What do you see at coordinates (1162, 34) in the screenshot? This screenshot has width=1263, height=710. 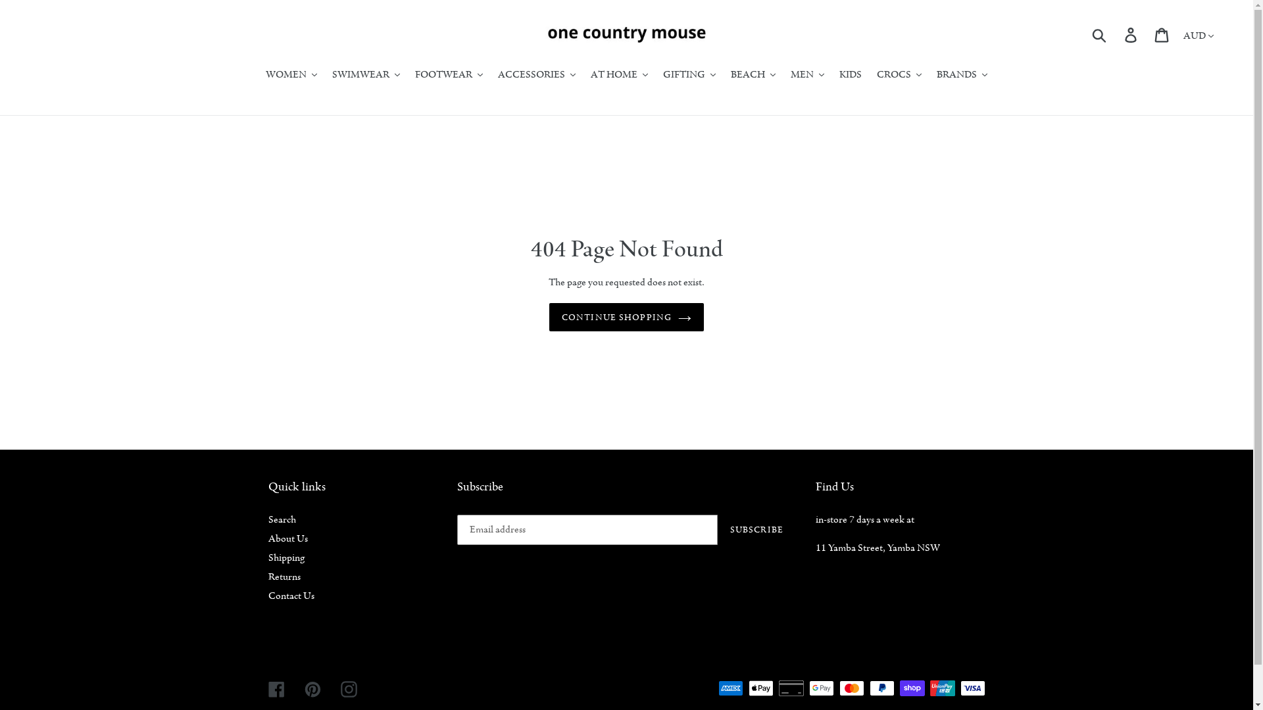 I see `'Cart'` at bounding box center [1162, 34].